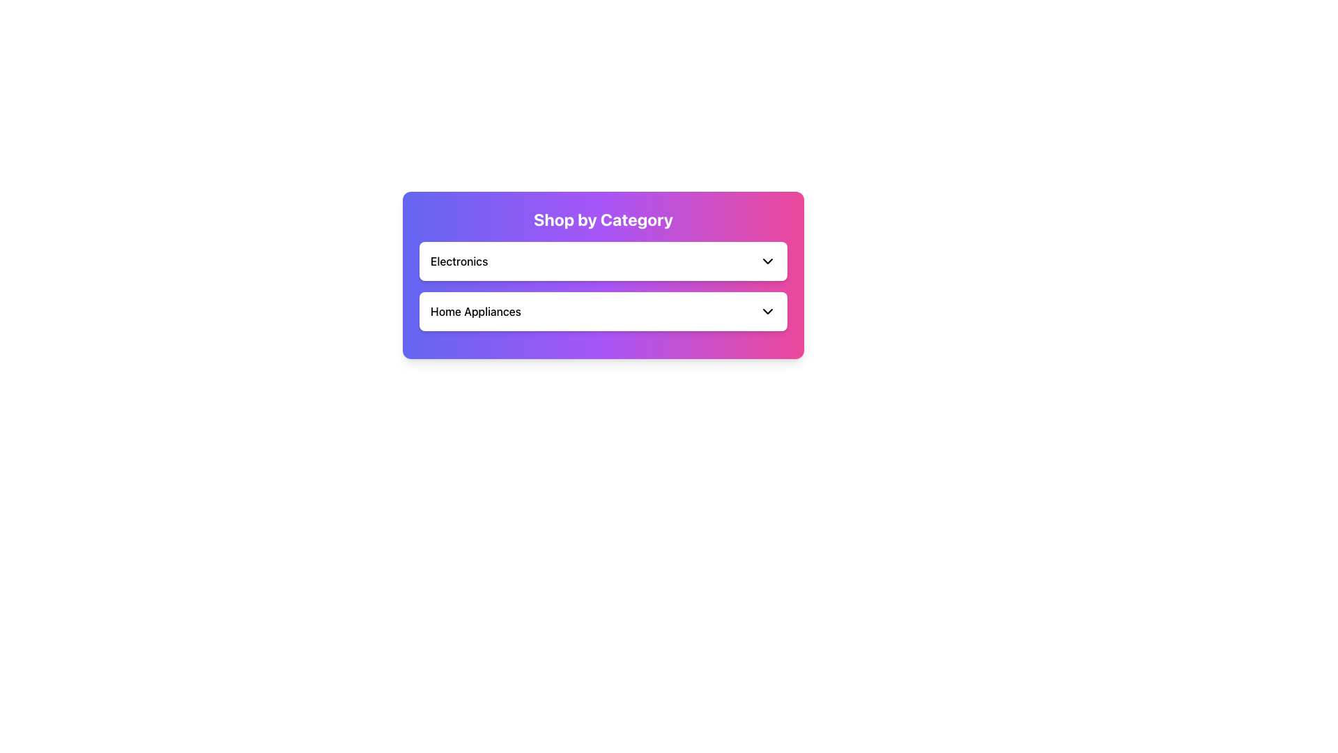  What do you see at coordinates (603, 261) in the screenshot?
I see `the first Dropdown option in the category list` at bounding box center [603, 261].